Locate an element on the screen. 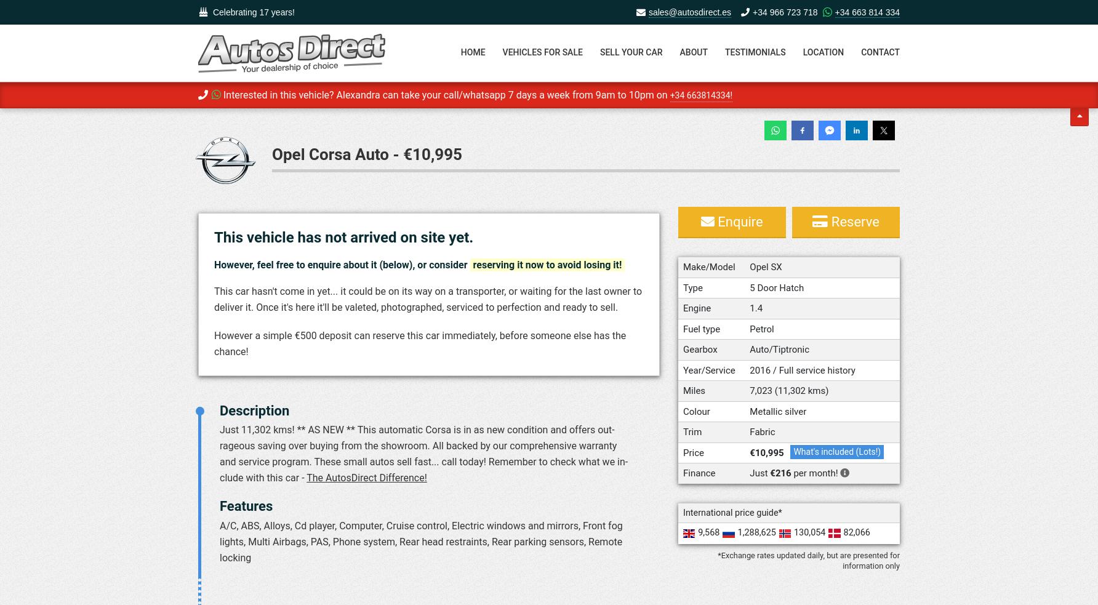  '2016 / Full service history' is located at coordinates (749, 370).